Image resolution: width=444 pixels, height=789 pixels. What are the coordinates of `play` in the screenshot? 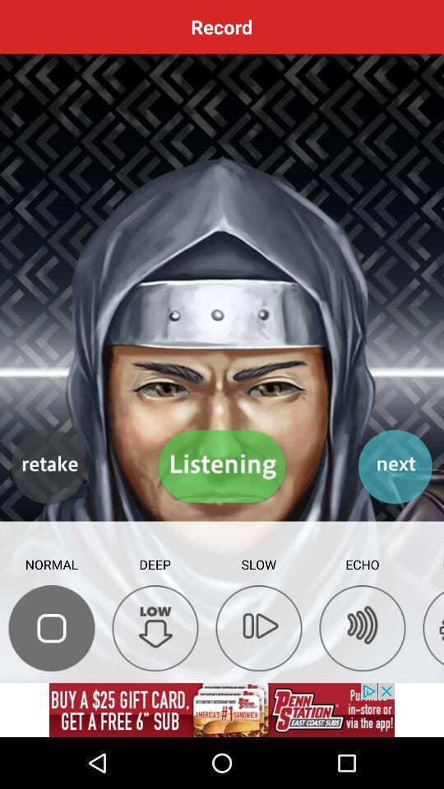 It's located at (222, 467).